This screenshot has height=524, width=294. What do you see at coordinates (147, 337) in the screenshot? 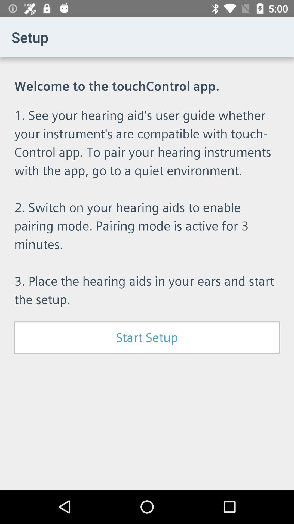
I see `start setup` at bounding box center [147, 337].